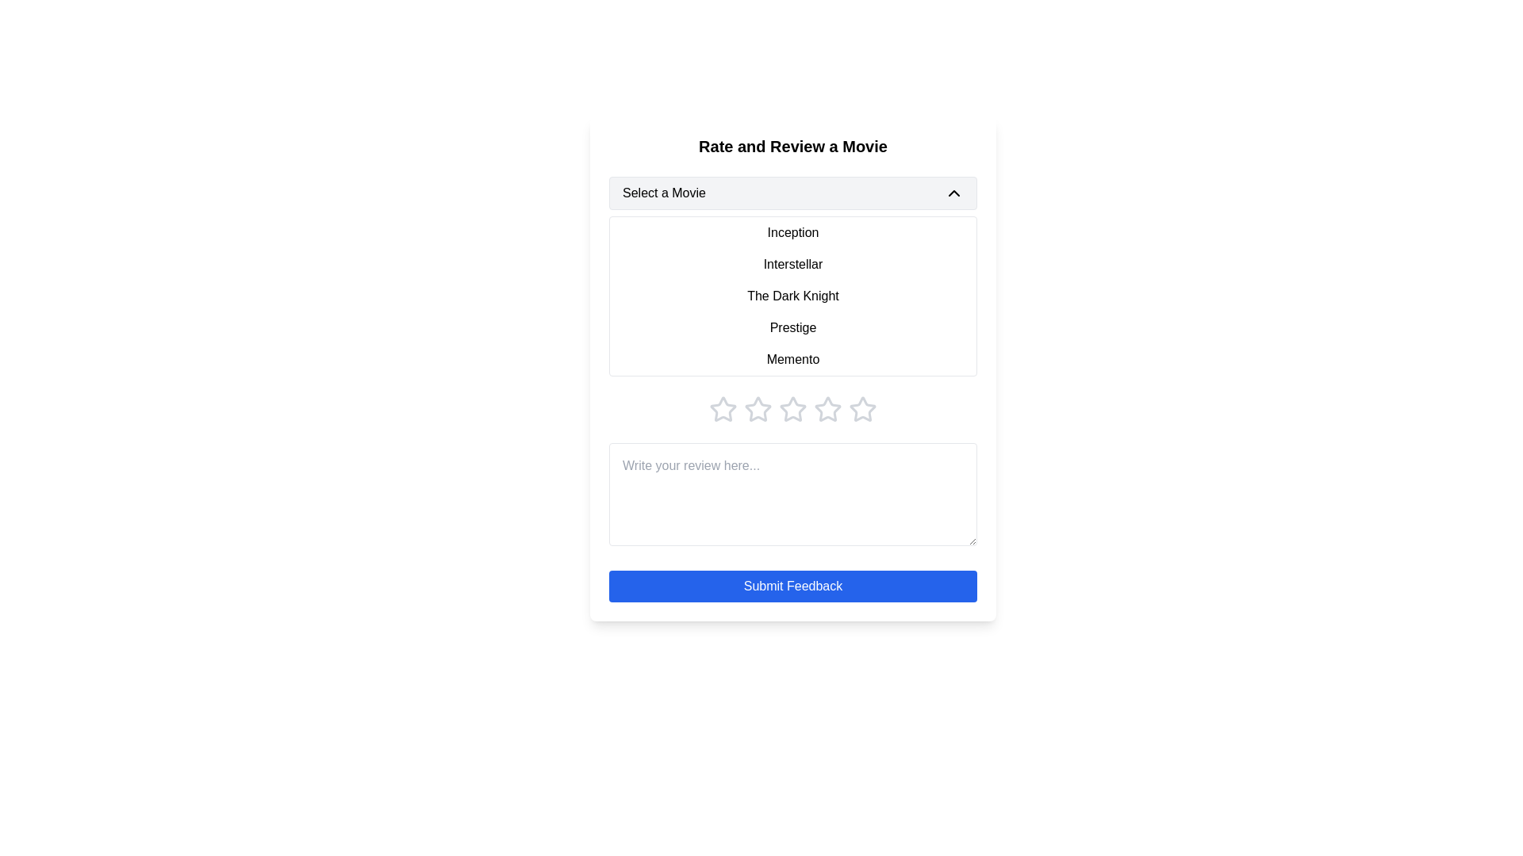 The height and width of the screenshot is (856, 1523). I want to click on the fifth star-shaped icon in the horizontal sequence to rate it, so click(862, 408).